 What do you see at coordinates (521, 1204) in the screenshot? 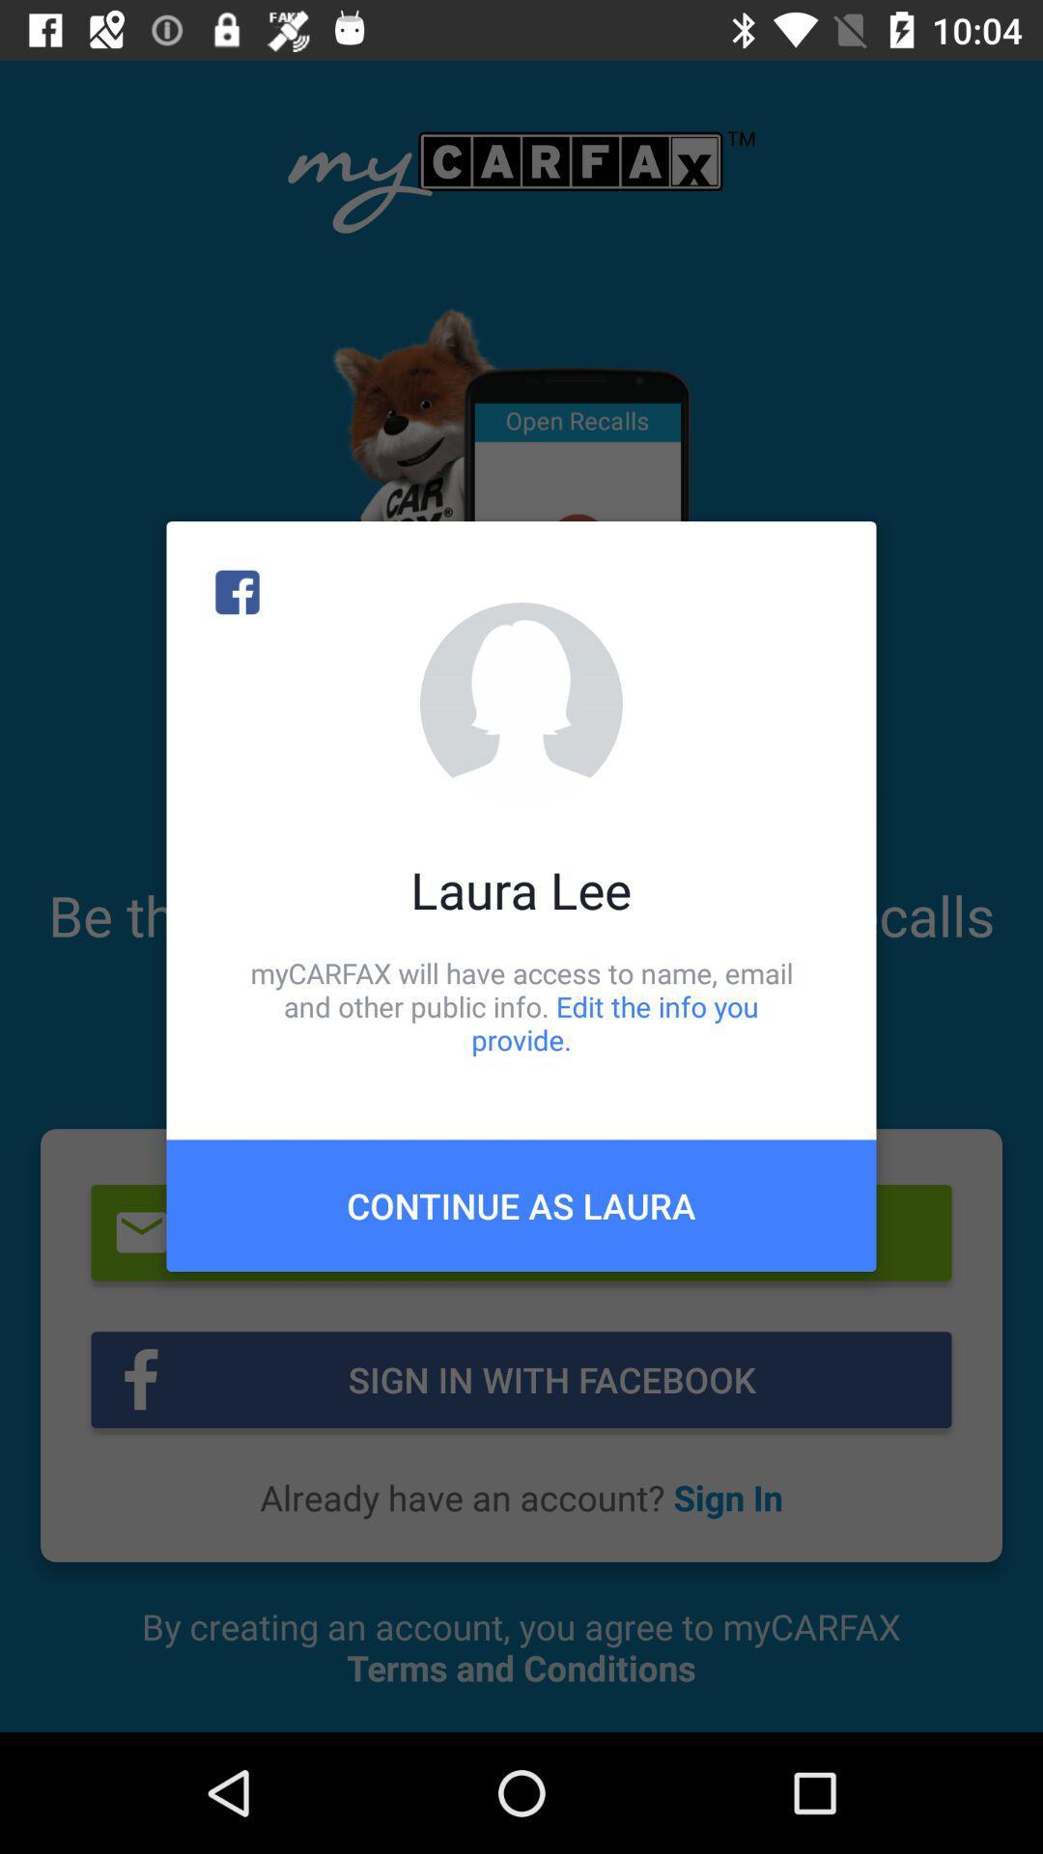
I see `continue as laura item` at bounding box center [521, 1204].